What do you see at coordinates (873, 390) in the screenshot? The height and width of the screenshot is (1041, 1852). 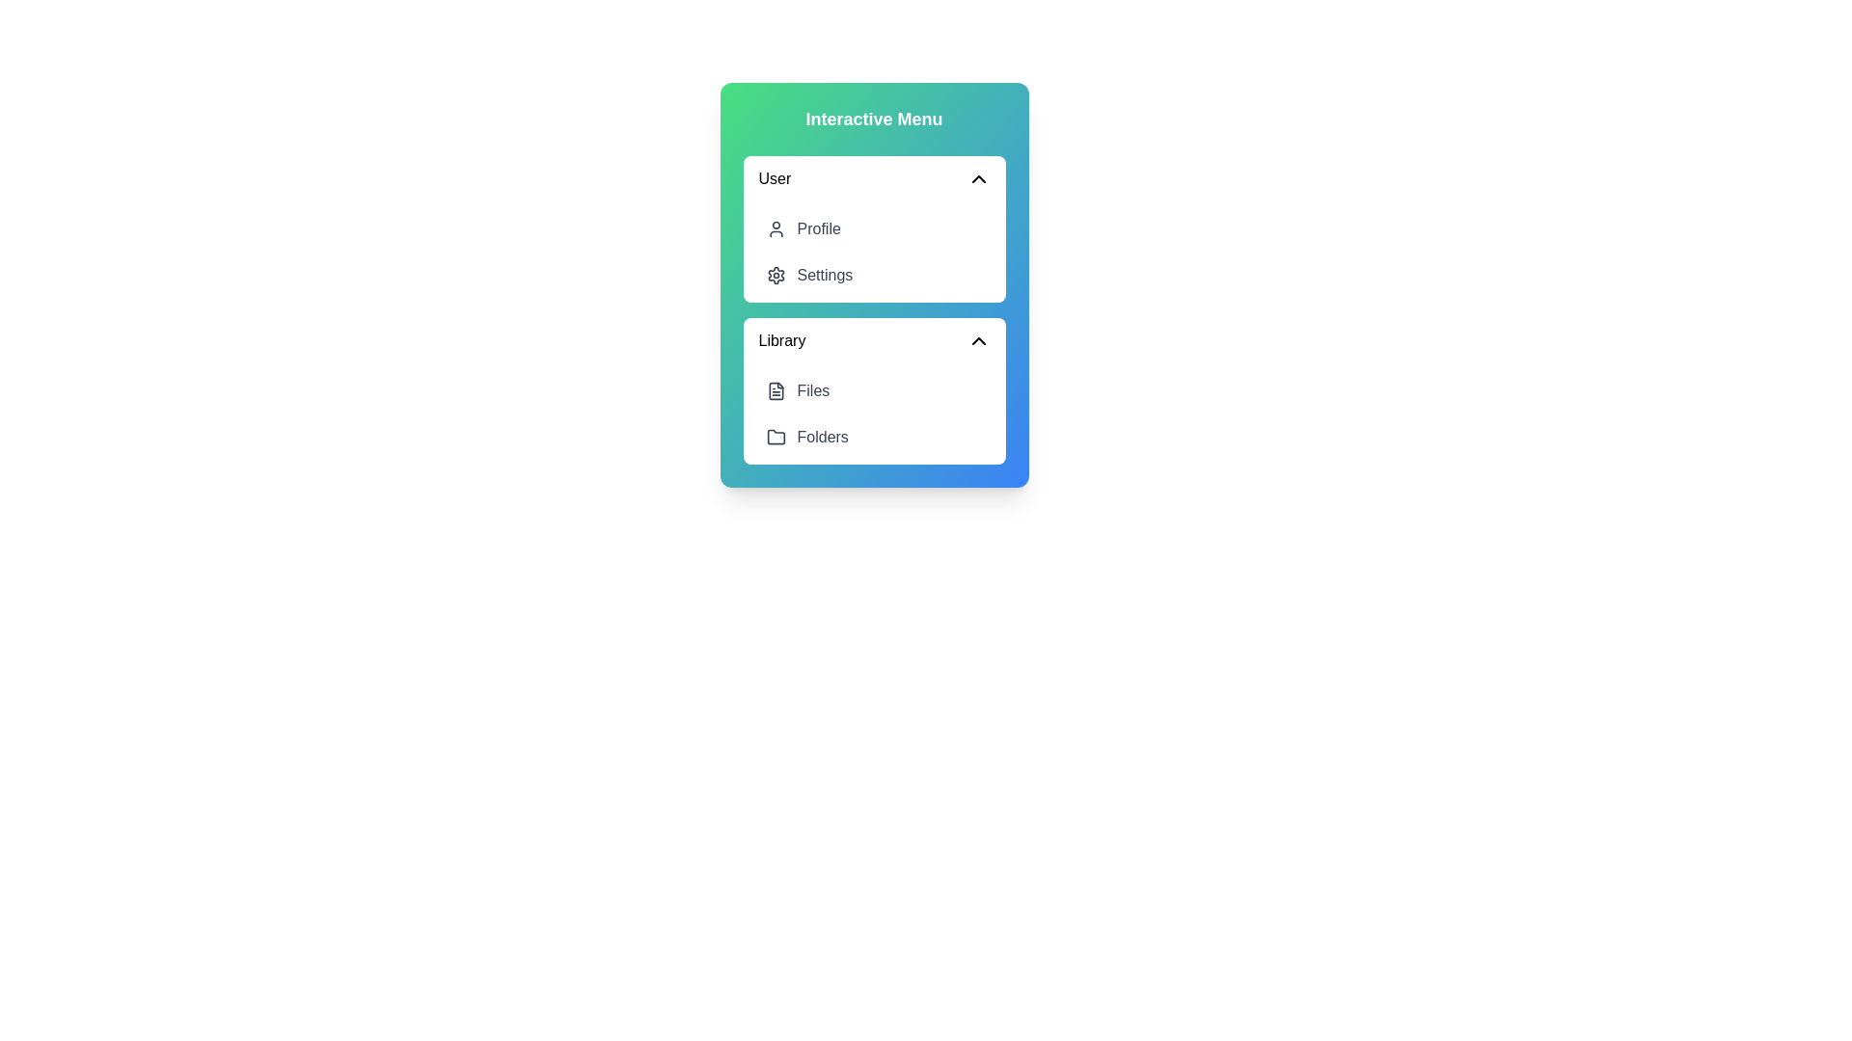 I see `the menu item Files to observe its hover style` at bounding box center [873, 390].